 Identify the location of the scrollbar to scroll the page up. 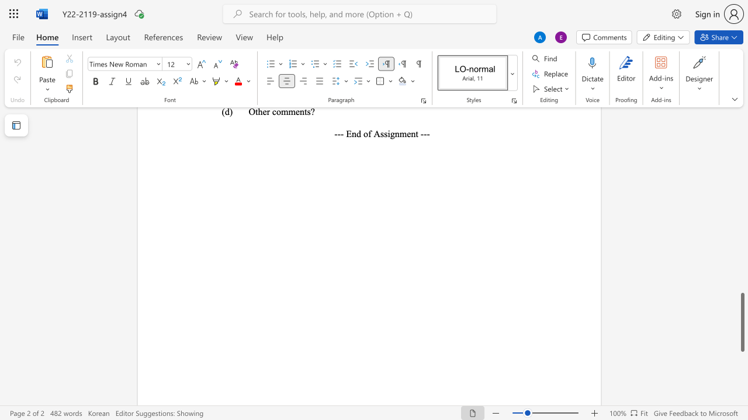
(742, 274).